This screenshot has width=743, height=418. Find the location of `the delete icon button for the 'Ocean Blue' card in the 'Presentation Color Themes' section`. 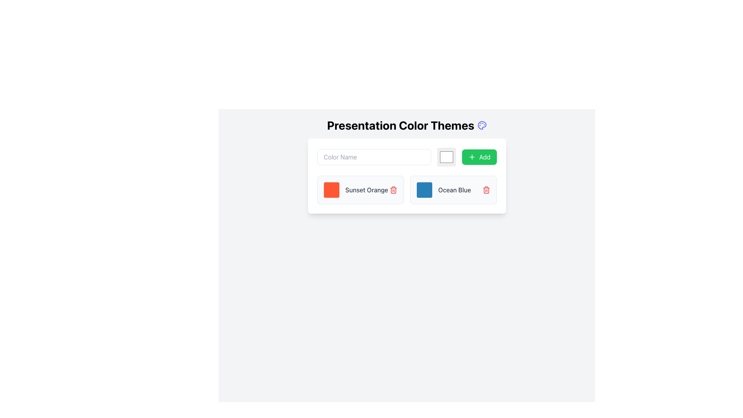

the delete icon button for the 'Ocean Blue' card in the 'Presentation Color Themes' section is located at coordinates (486, 190).